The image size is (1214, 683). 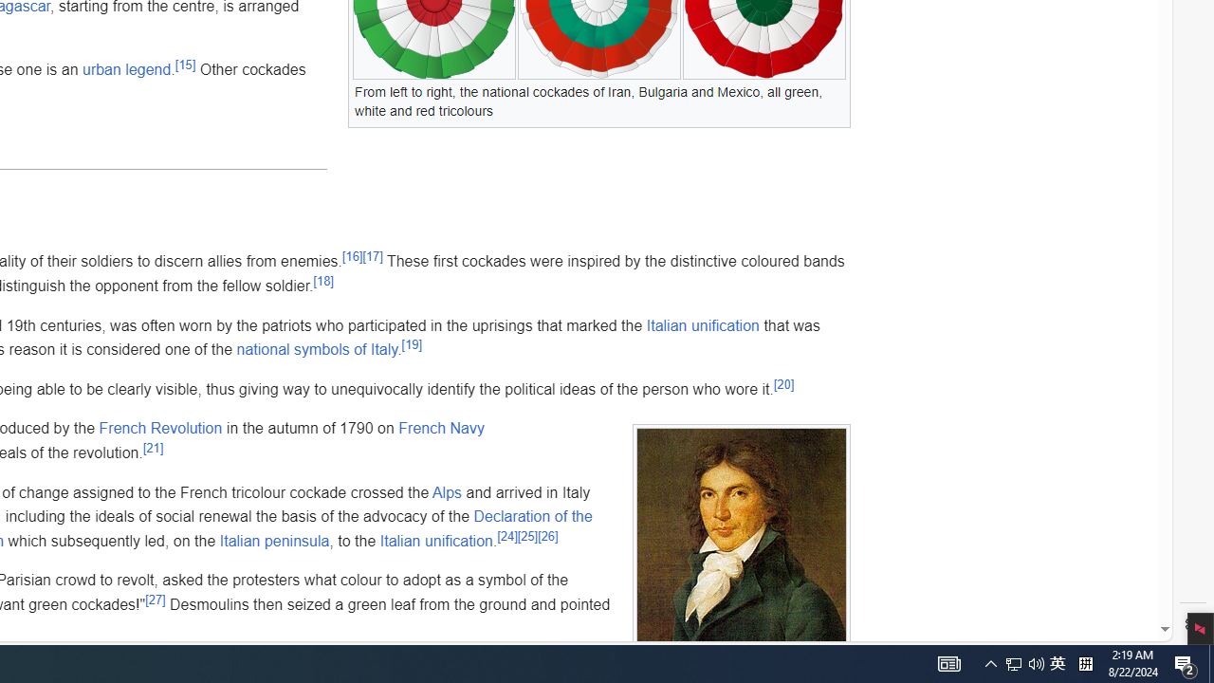 I want to click on 'French Navy', so click(x=440, y=428).